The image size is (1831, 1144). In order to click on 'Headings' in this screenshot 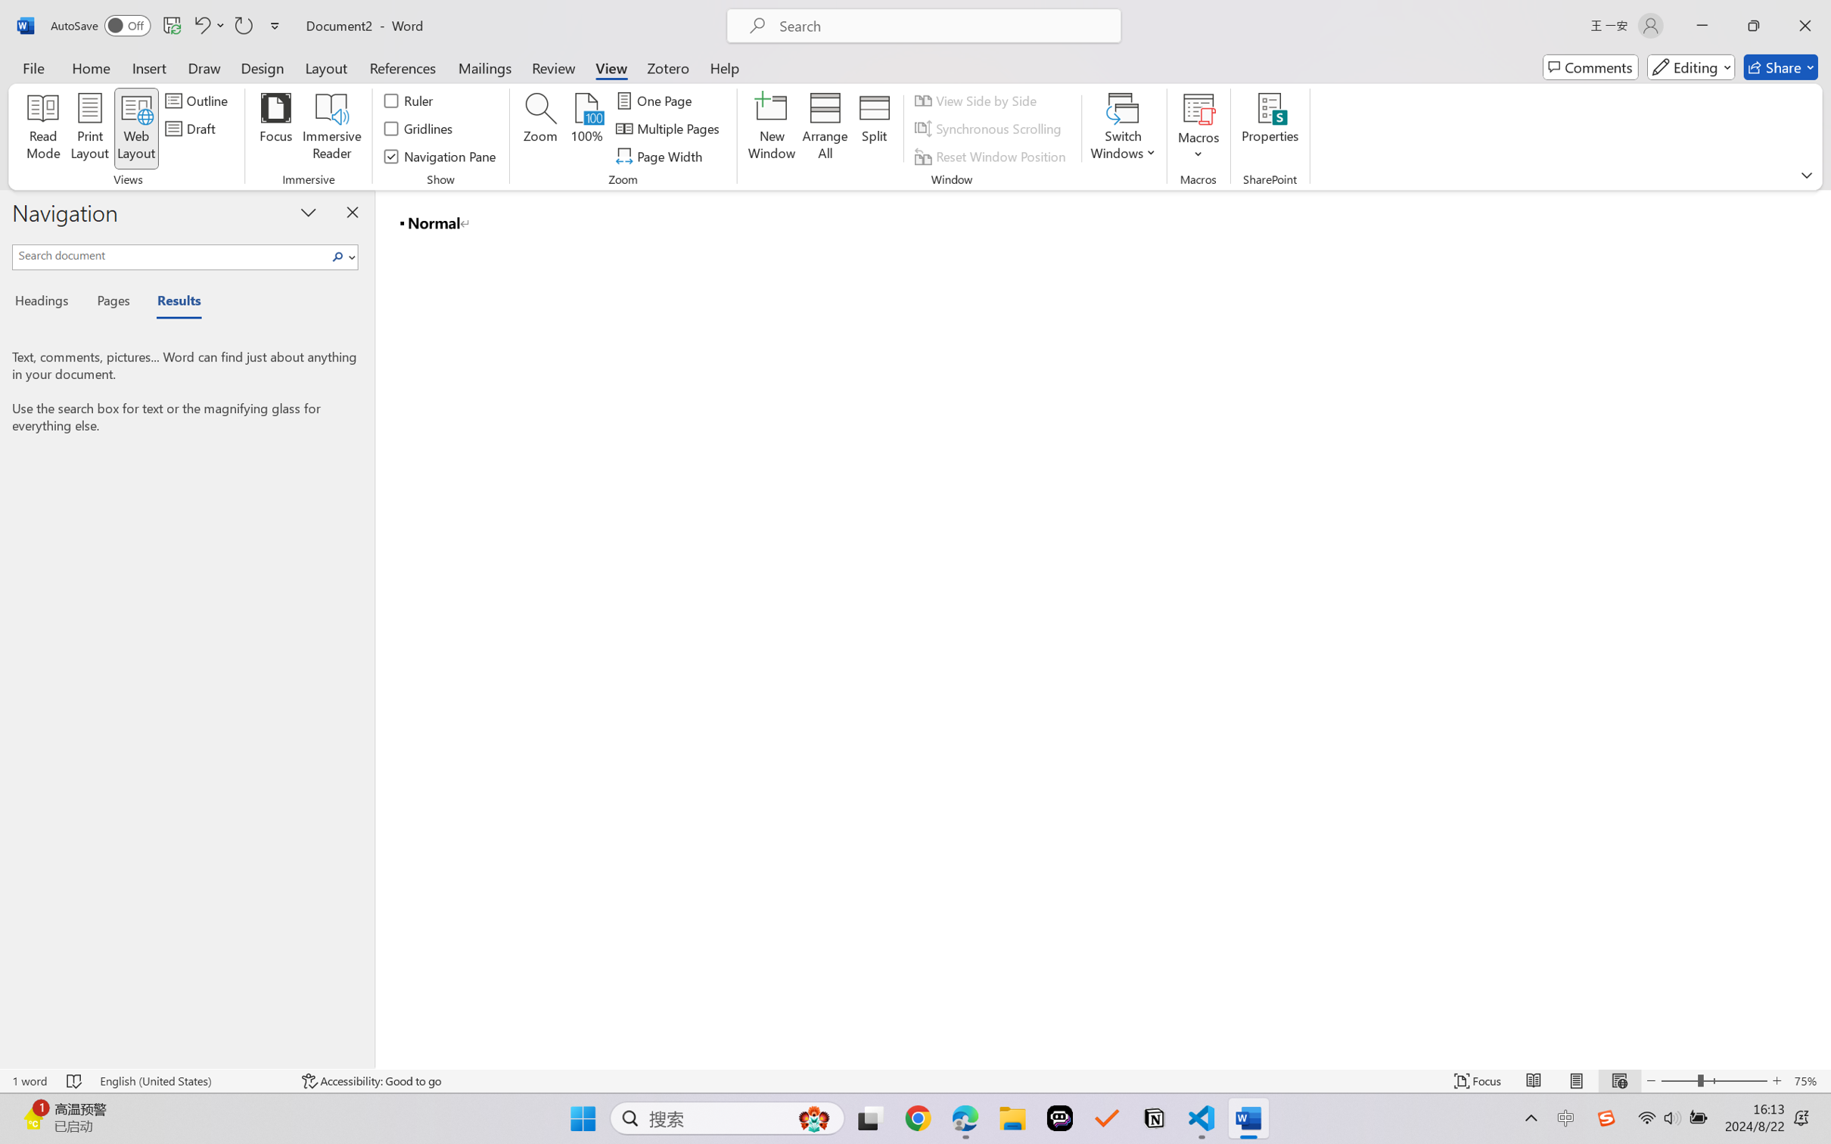, I will do `click(46, 303)`.